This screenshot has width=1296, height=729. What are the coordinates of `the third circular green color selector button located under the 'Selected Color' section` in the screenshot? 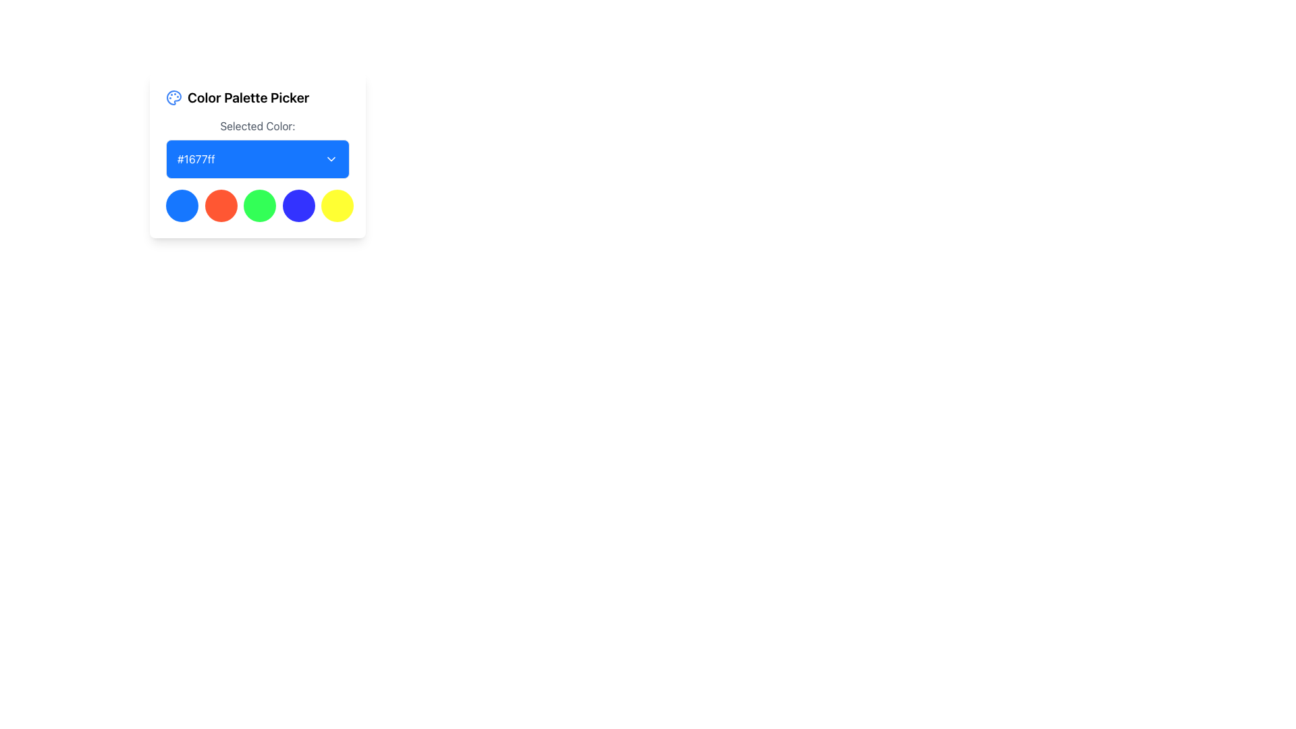 It's located at (260, 205).